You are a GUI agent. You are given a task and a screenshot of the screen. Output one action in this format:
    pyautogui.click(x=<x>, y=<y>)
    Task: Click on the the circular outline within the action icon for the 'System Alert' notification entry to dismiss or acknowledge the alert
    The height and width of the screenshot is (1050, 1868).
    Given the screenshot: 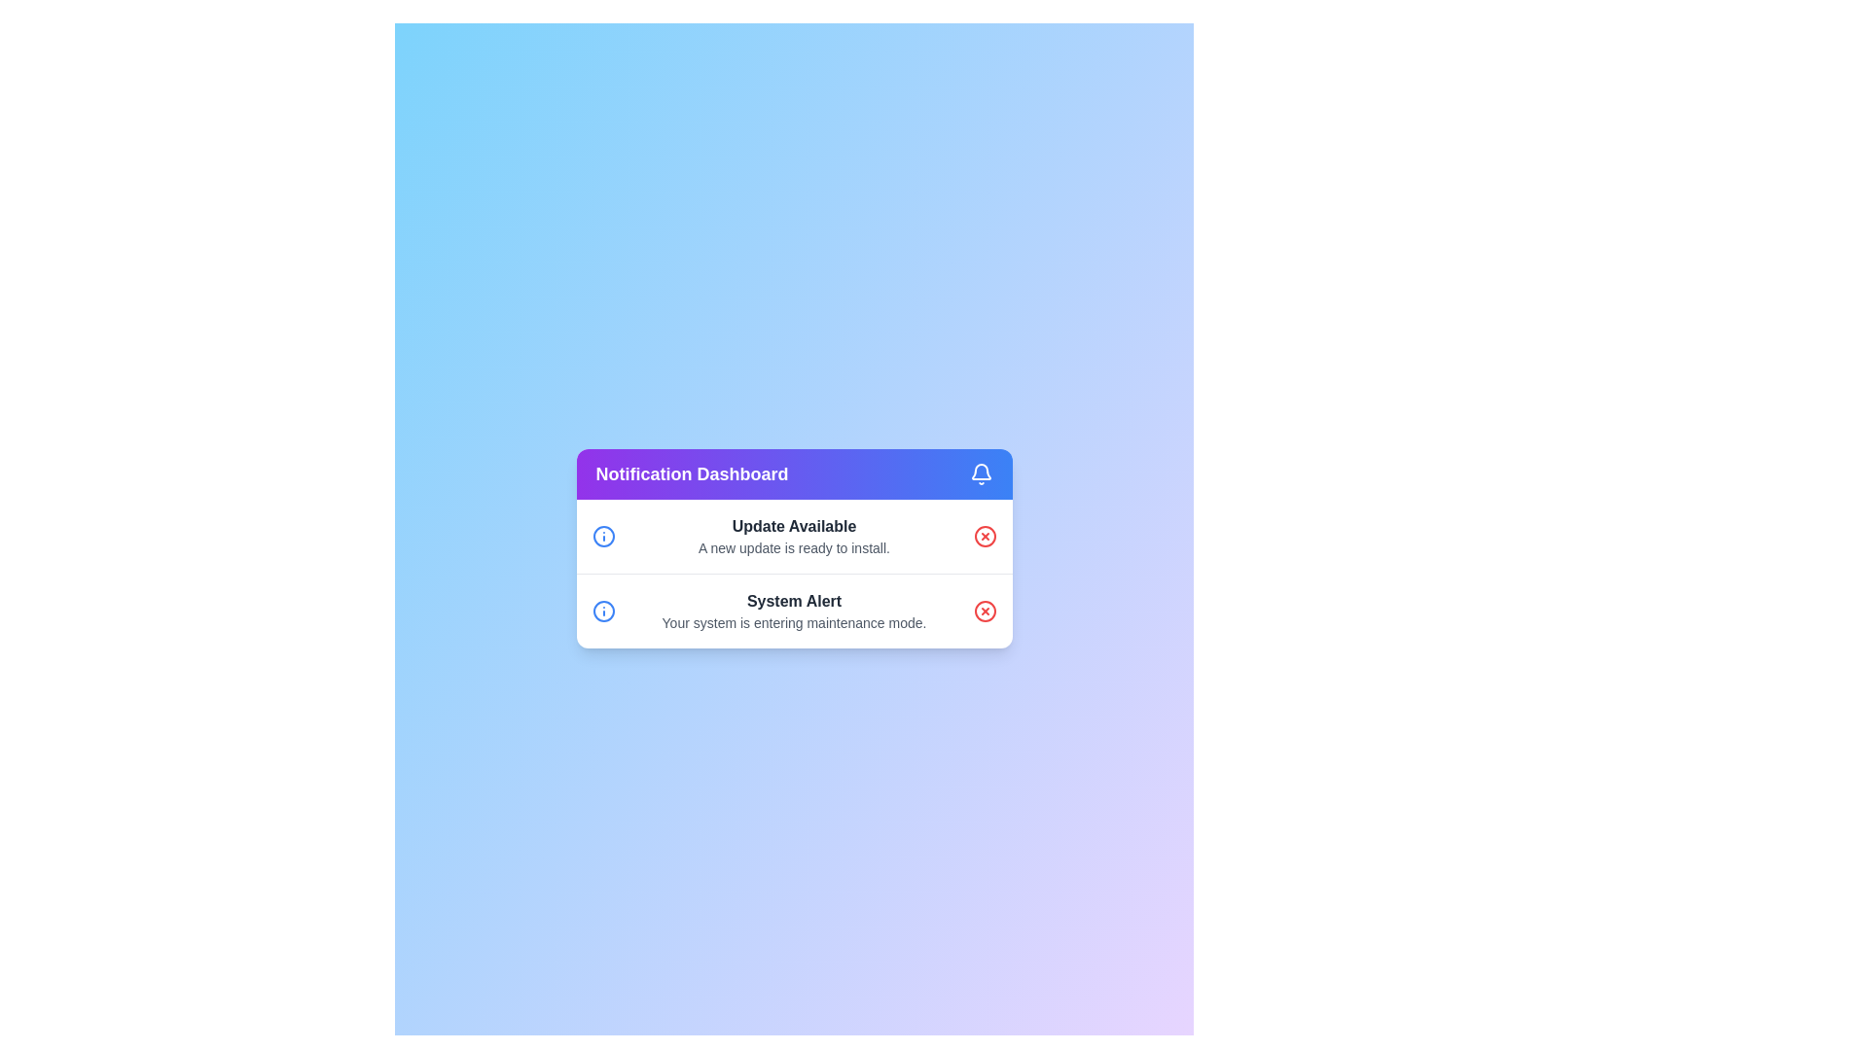 What is the action you would take?
    pyautogui.click(x=985, y=610)
    